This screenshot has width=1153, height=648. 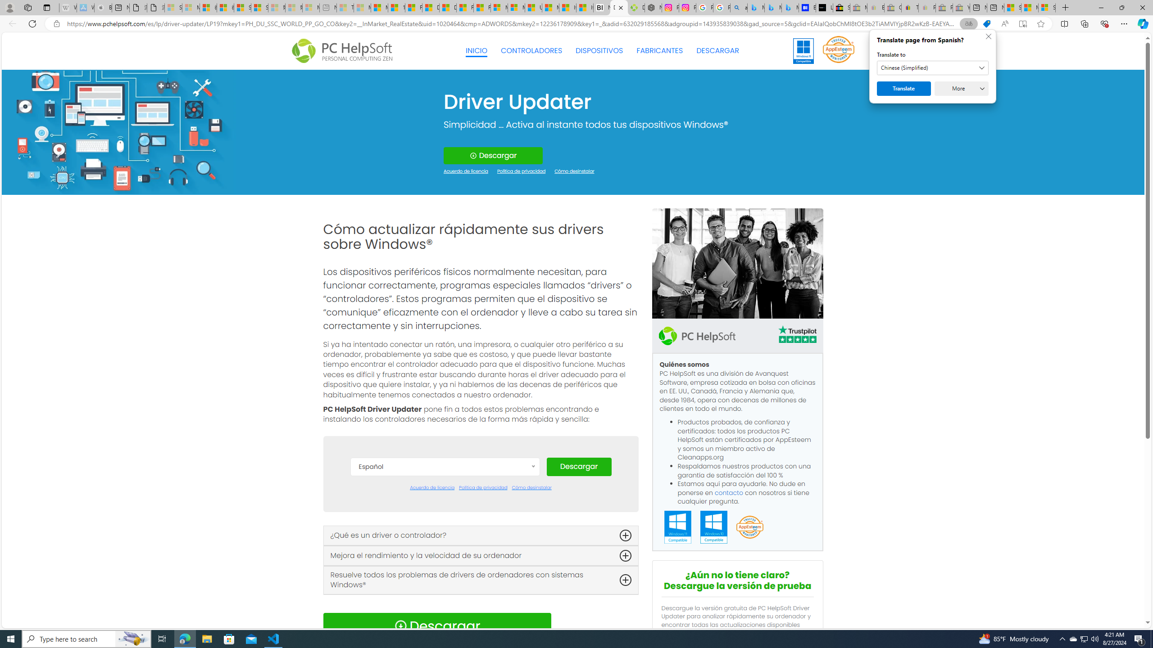 What do you see at coordinates (476, 50) in the screenshot?
I see `'INICIO'` at bounding box center [476, 50].